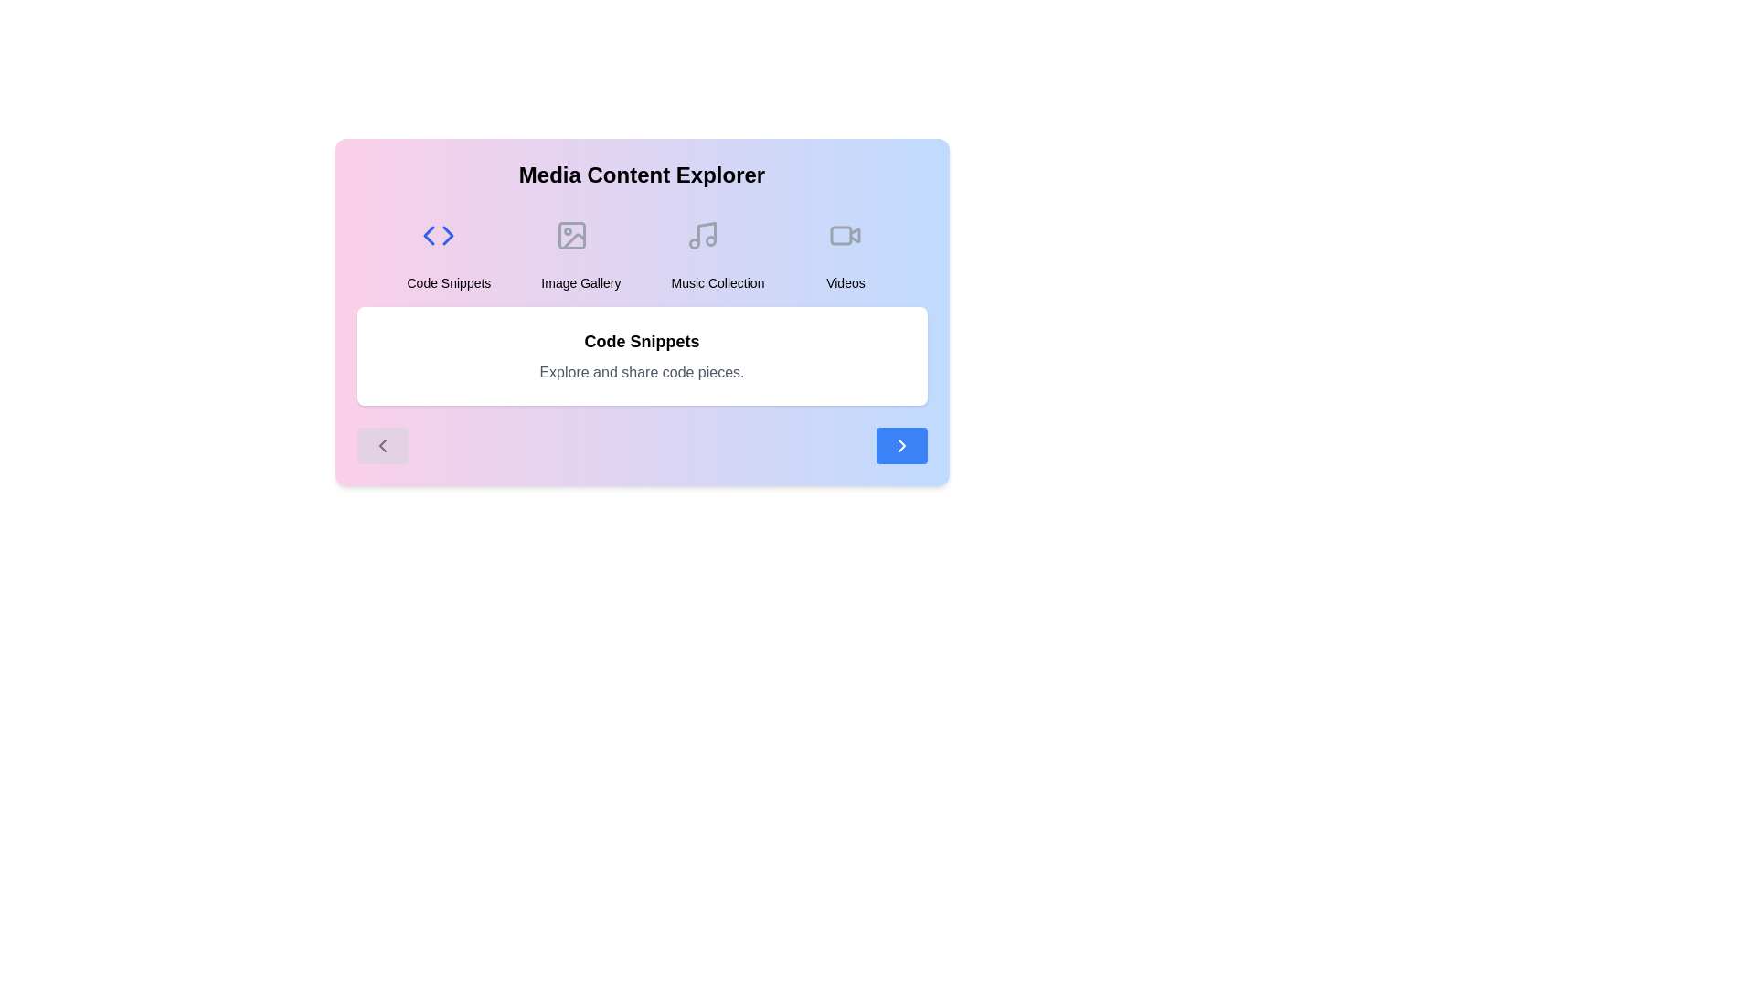 This screenshot has width=1755, height=987. I want to click on the category Music Collection to view its description, so click(717, 249).